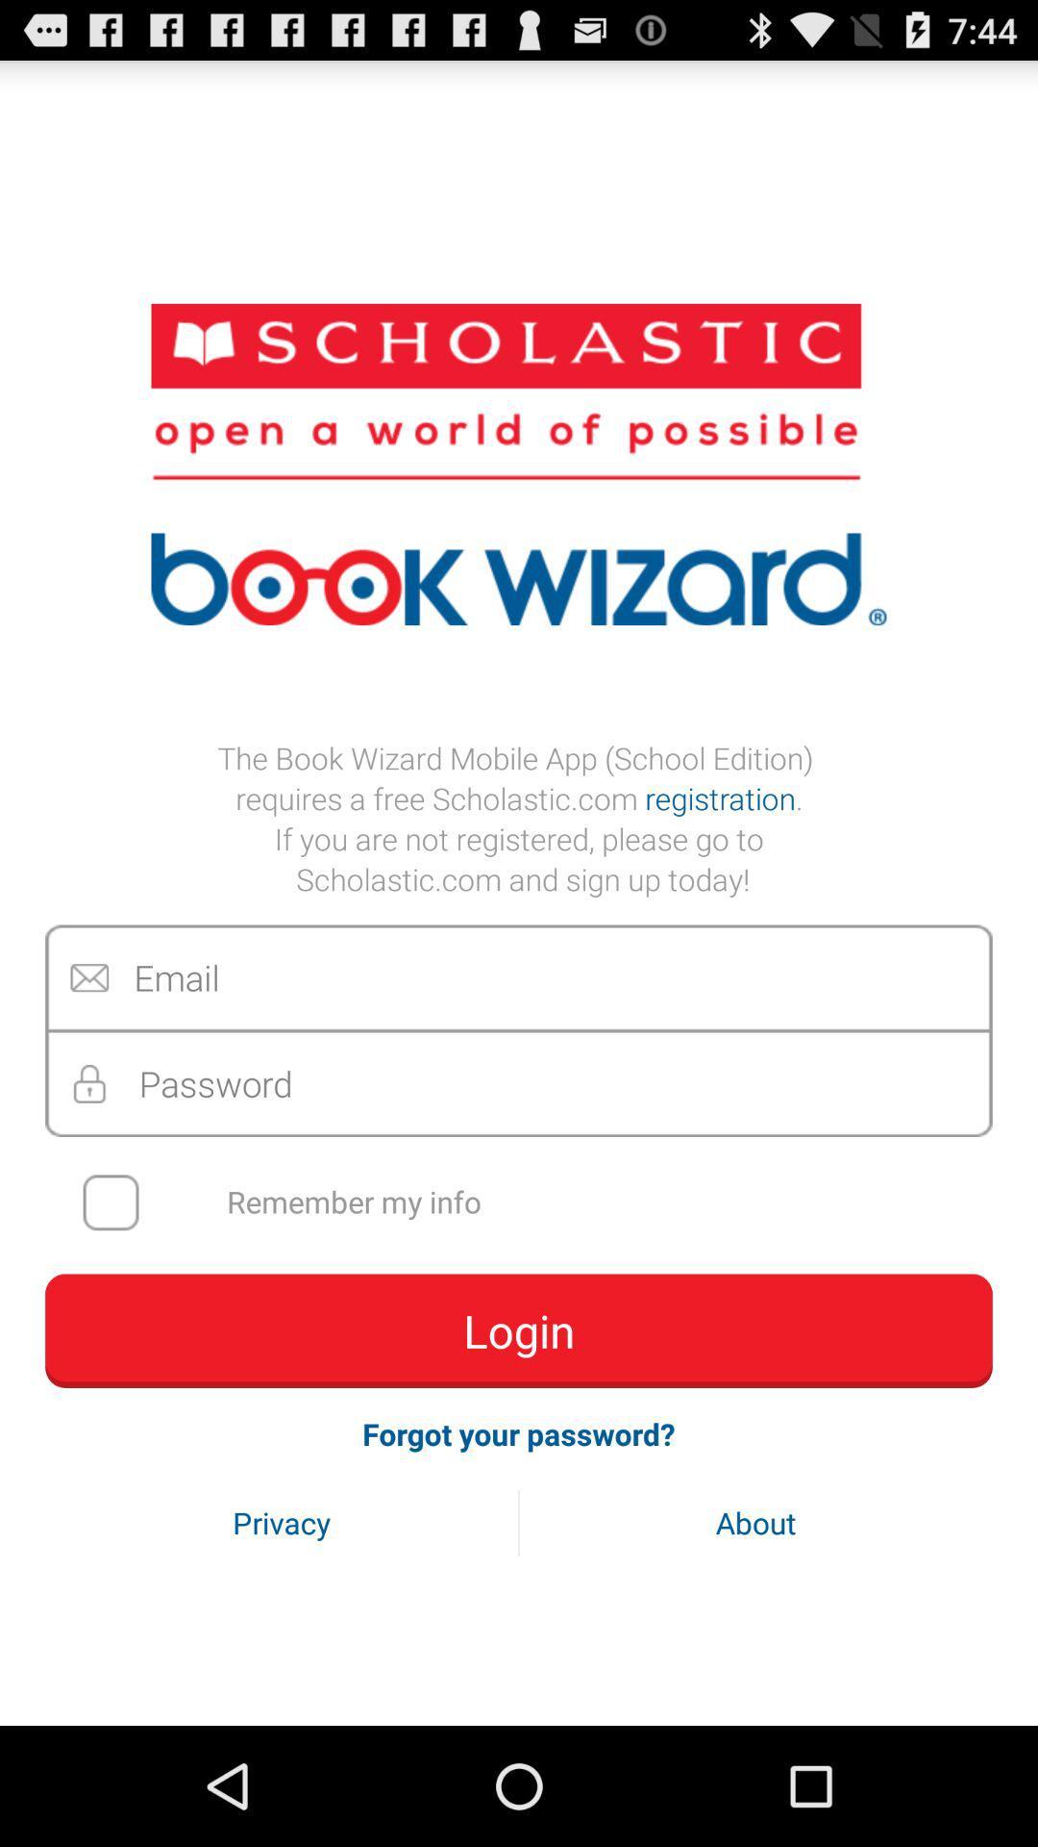  What do you see at coordinates (531, 1202) in the screenshot?
I see `the remember my info item` at bounding box center [531, 1202].